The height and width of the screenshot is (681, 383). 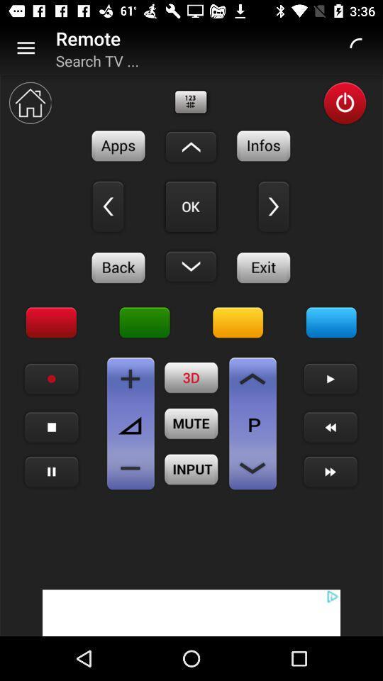 I want to click on stop video playback, so click(x=51, y=426).